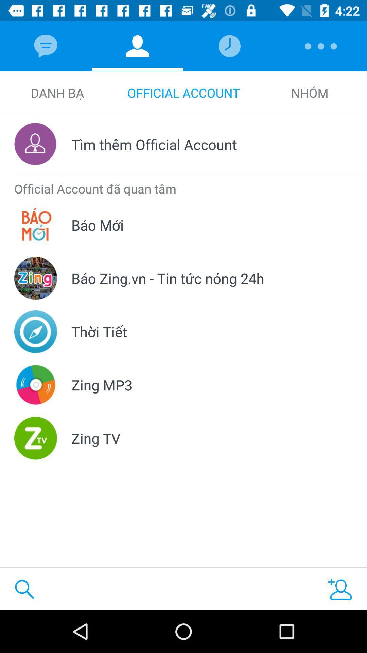 This screenshot has height=653, width=367. What do you see at coordinates (99, 331) in the screenshot?
I see `item above the zing mp3 icon` at bounding box center [99, 331].